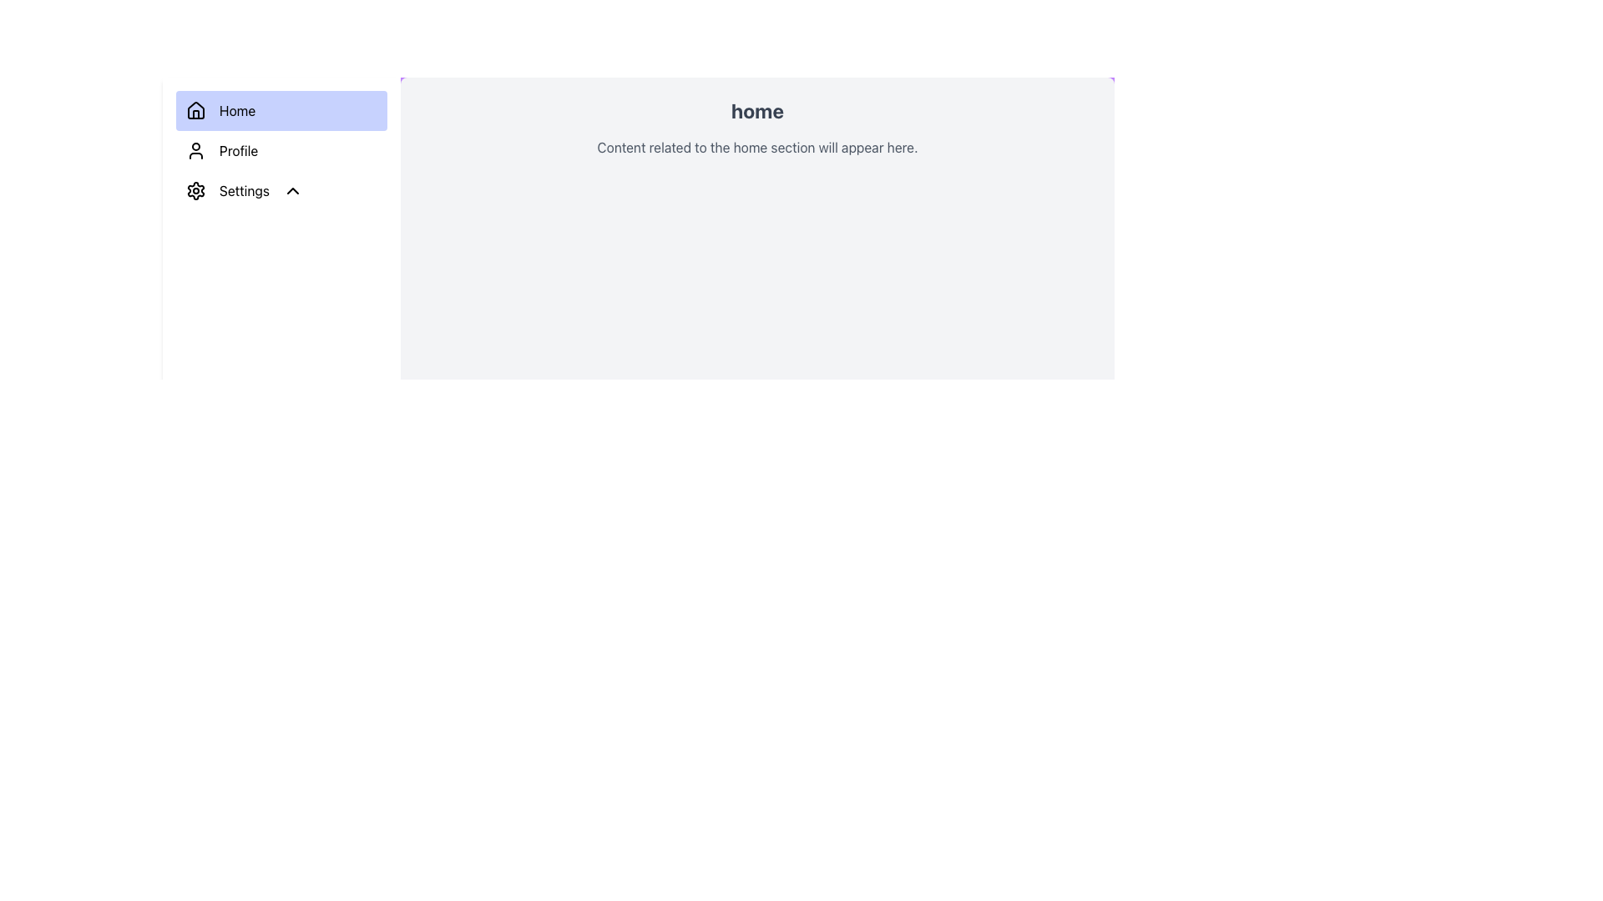  Describe the element at coordinates (236, 110) in the screenshot. I see `the 'Home' navigation text label located within the blue background block of the vertical menu on the left side of the display` at that location.